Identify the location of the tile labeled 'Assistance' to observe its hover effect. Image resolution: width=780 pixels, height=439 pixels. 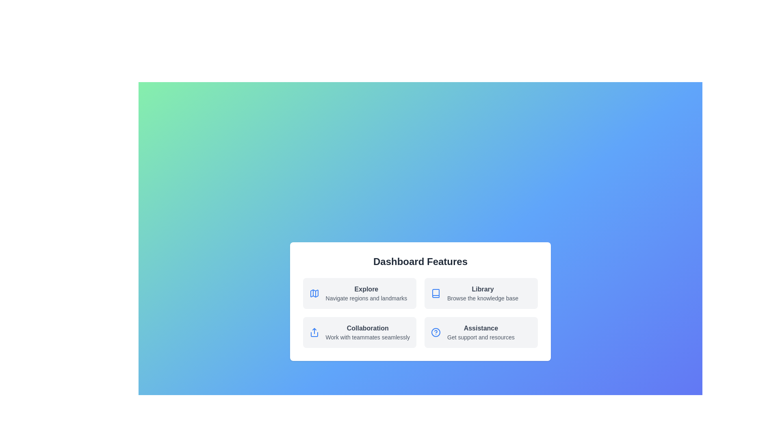
(481, 332).